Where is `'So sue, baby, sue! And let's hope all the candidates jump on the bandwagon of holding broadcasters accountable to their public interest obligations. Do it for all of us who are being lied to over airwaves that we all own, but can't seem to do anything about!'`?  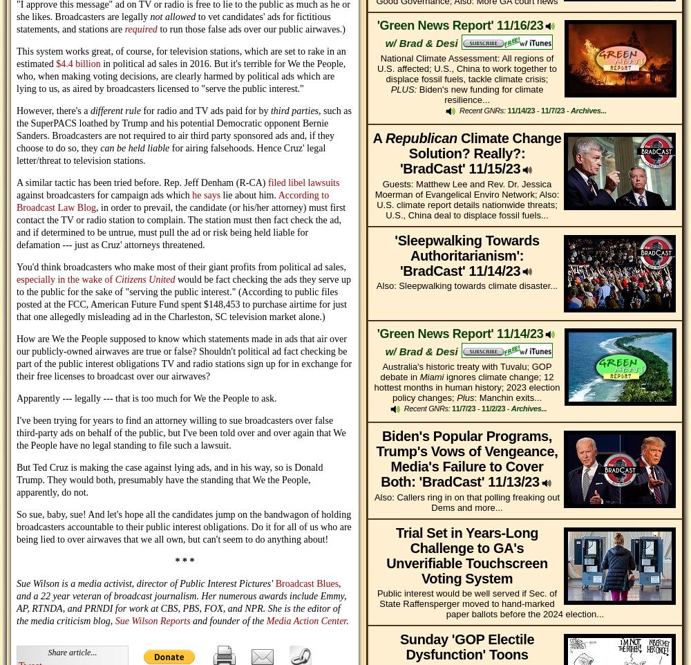 'So sue, baby, sue! And let's hope all the candidates jump on the bandwagon of holding broadcasters accountable to their public interest obligations. Do it for all of us who are being lied to over airwaves that we all own, but can't seem to do anything about!' is located at coordinates (17, 527).